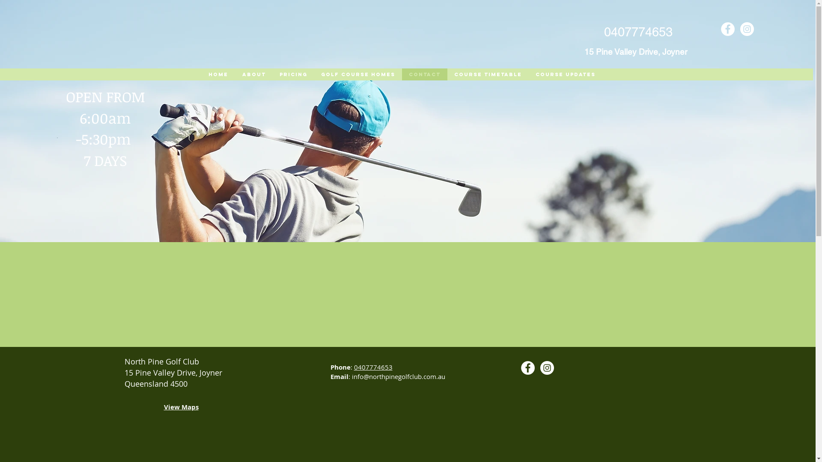 The width and height of the screenshot is (822, 462). I want to click on 'Golf Course Homes', so click(358, 74).